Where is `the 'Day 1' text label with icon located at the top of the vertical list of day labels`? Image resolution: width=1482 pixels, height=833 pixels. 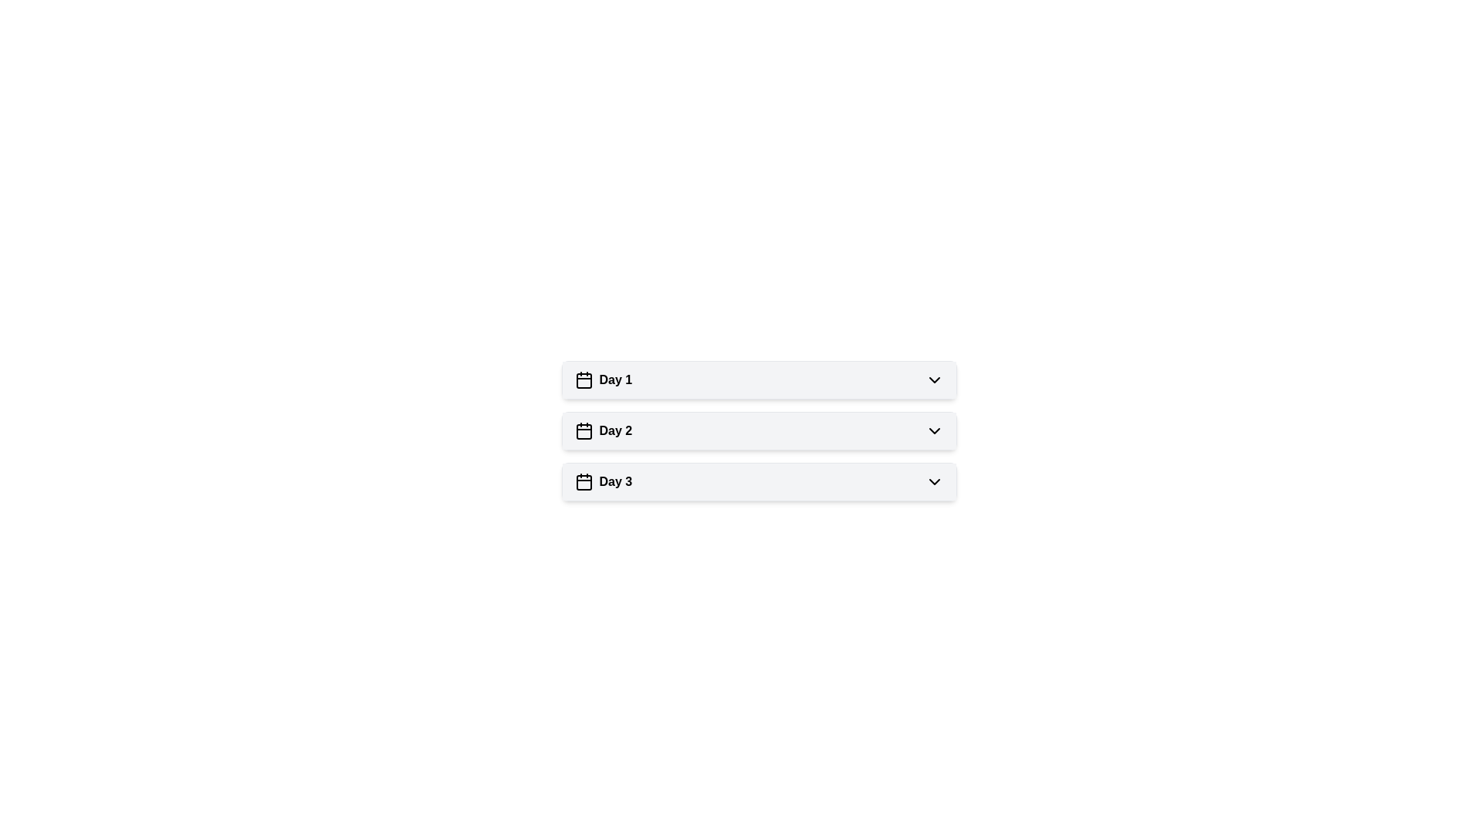 the 'Day 1' text label with icon located at the top of the vertical list of day labels is located at coordinates (602, 380).